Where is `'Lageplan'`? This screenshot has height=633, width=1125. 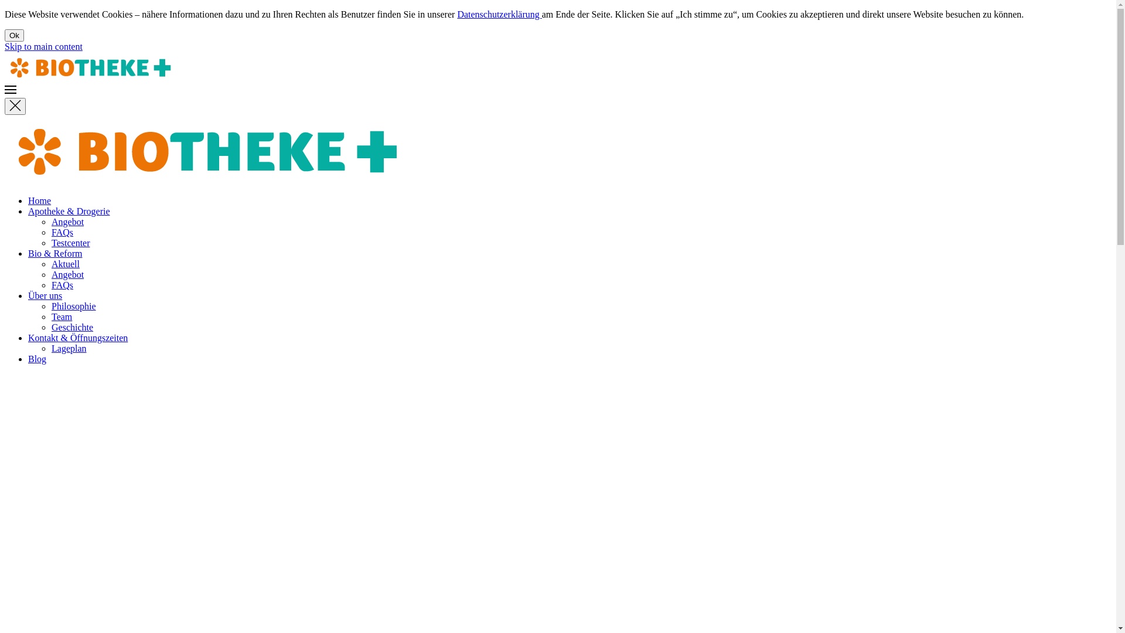
'Lageplan' is located at coordinates (69, 348).